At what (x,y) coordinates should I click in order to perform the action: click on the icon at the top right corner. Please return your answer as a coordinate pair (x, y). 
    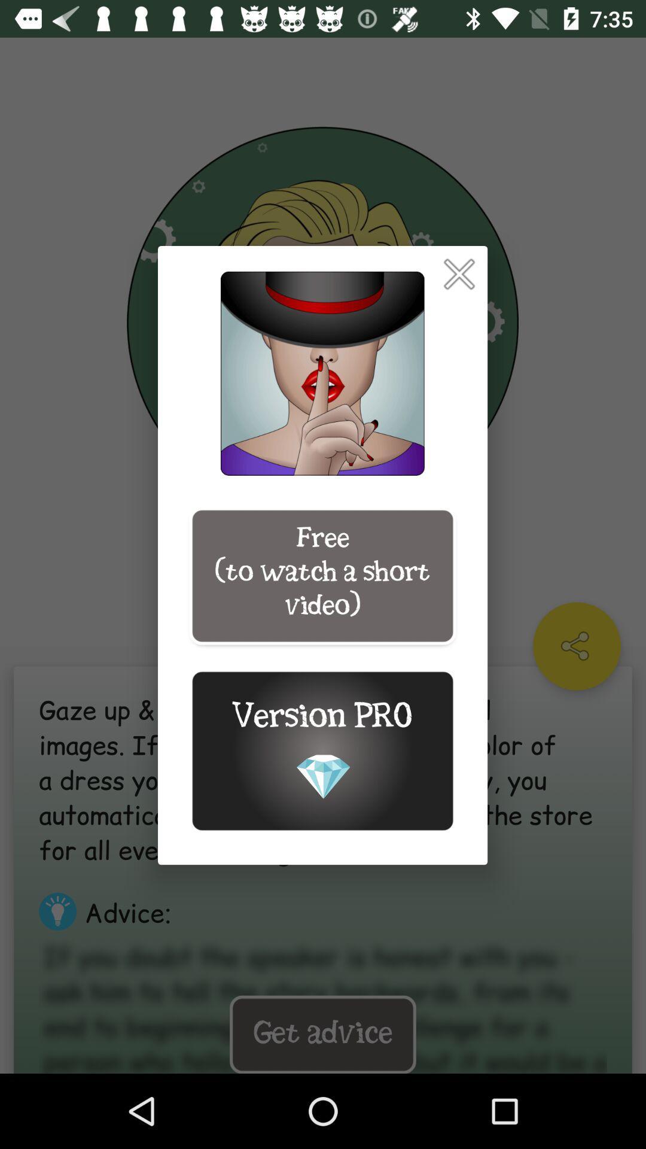
    Looking at the image, I should click on (458, 273).